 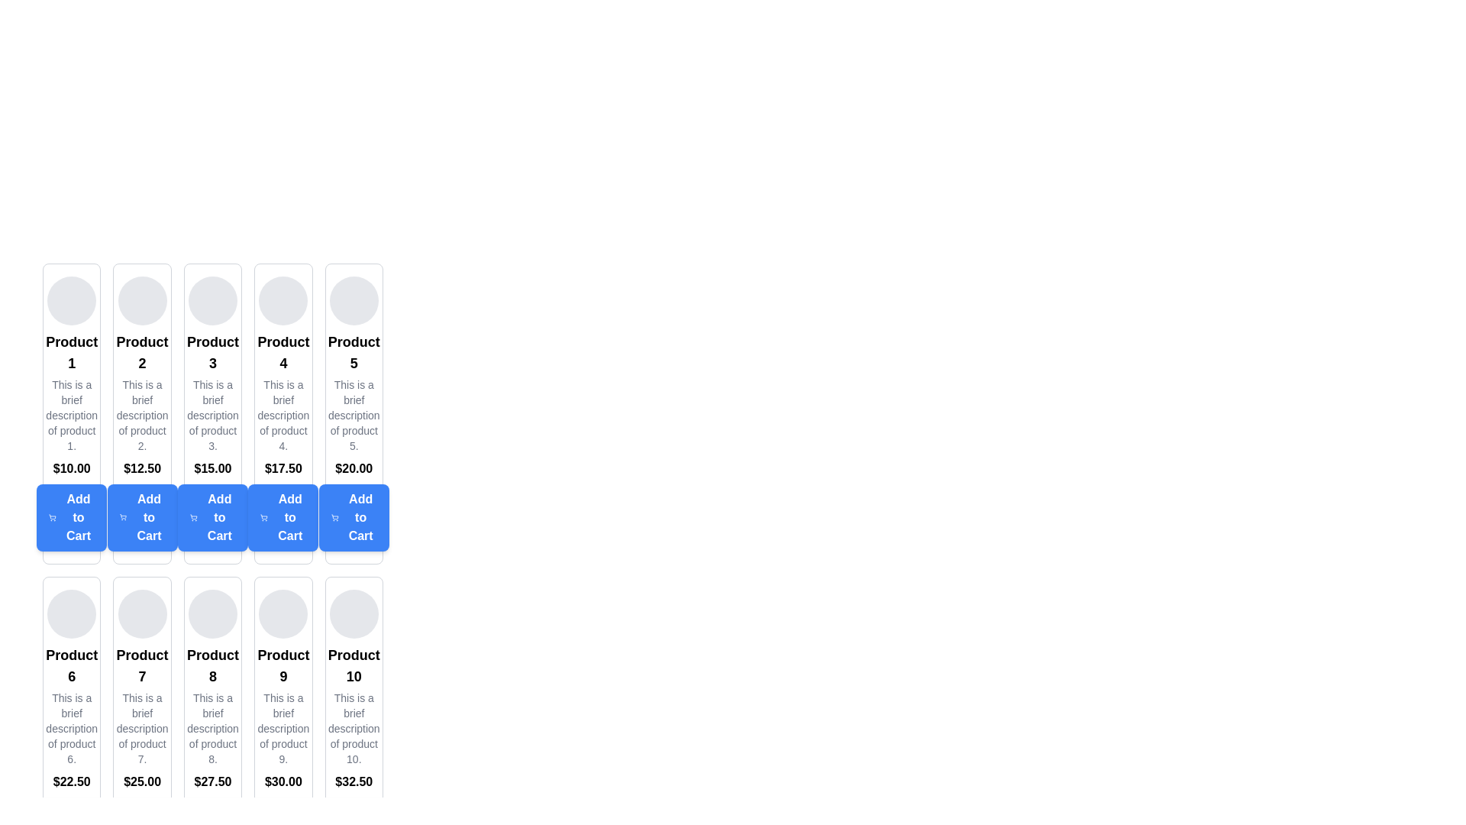 What do you see at coordinates (334, 517) in the screenshot?
I see `the shopping cart icon located on the left side of the 'Add to Cart' button associated with 'Product 5' in the grid layout` at bounding box center [334, 517].